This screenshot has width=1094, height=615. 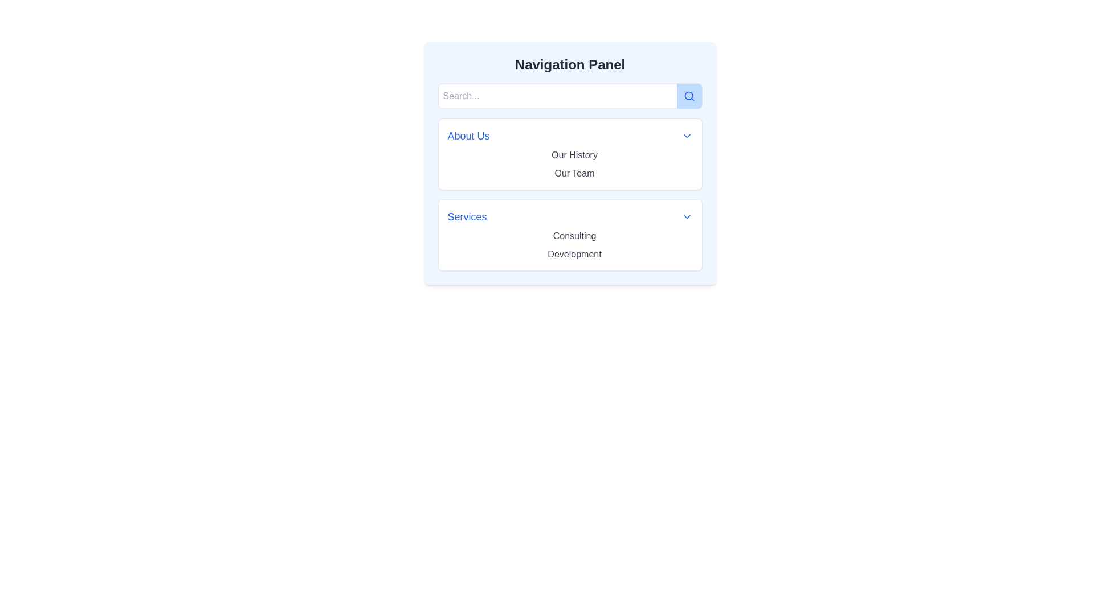 I want to click on the 'Consulting' item in the vertical list of the navigation menu located under the 'Services' header, so click(x=569, y=245).